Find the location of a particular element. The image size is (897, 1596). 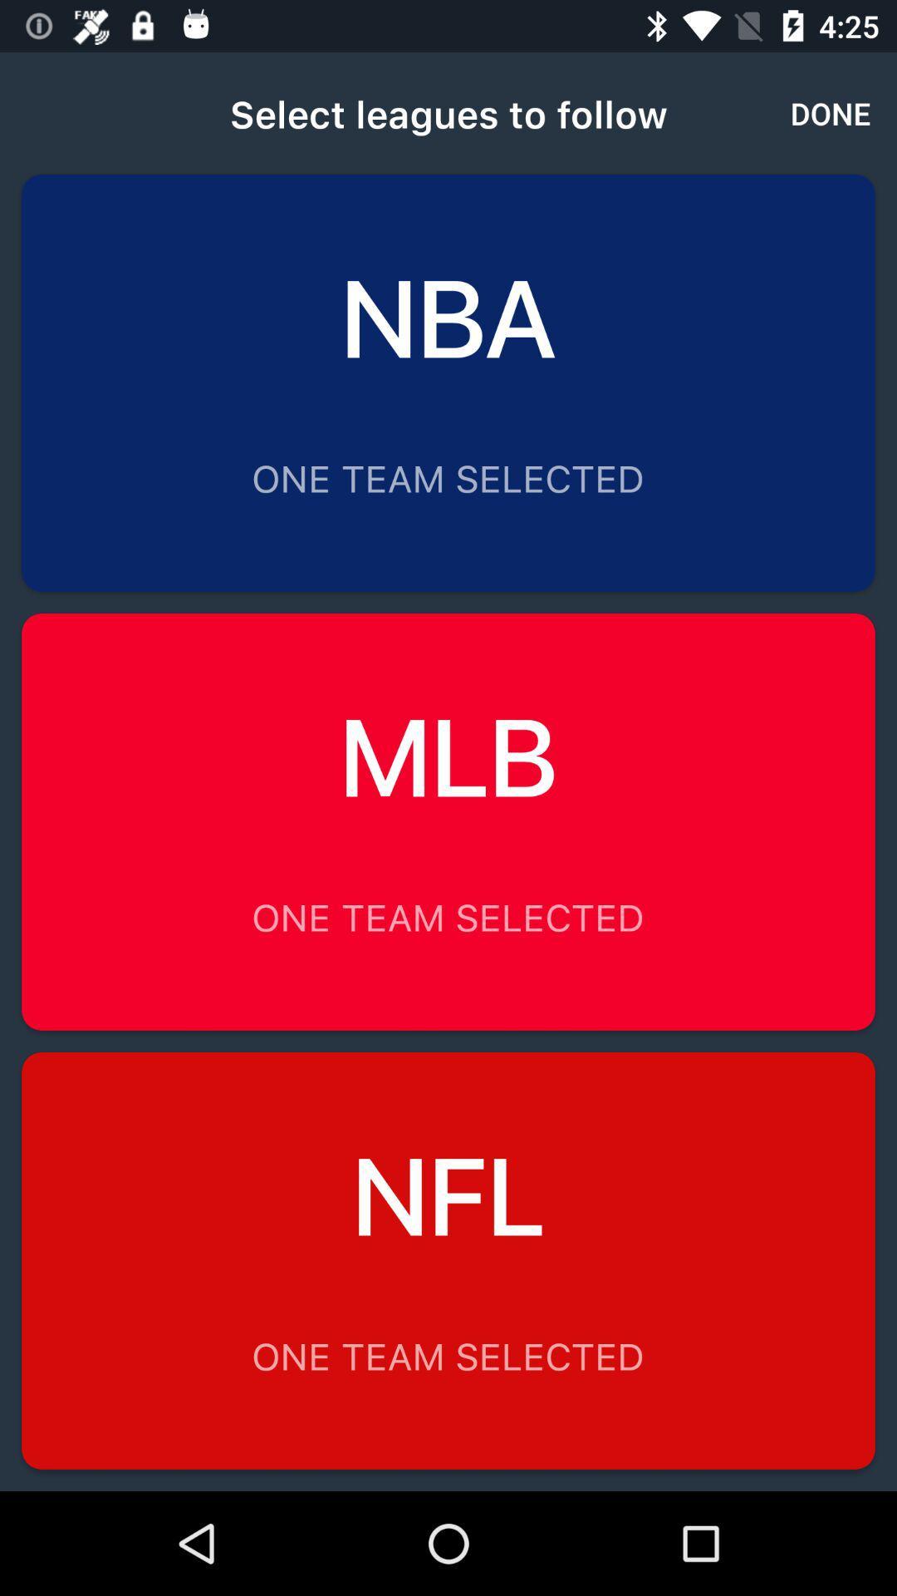

the icon to the right of select leagues to item is located at coordinates (831, 112).